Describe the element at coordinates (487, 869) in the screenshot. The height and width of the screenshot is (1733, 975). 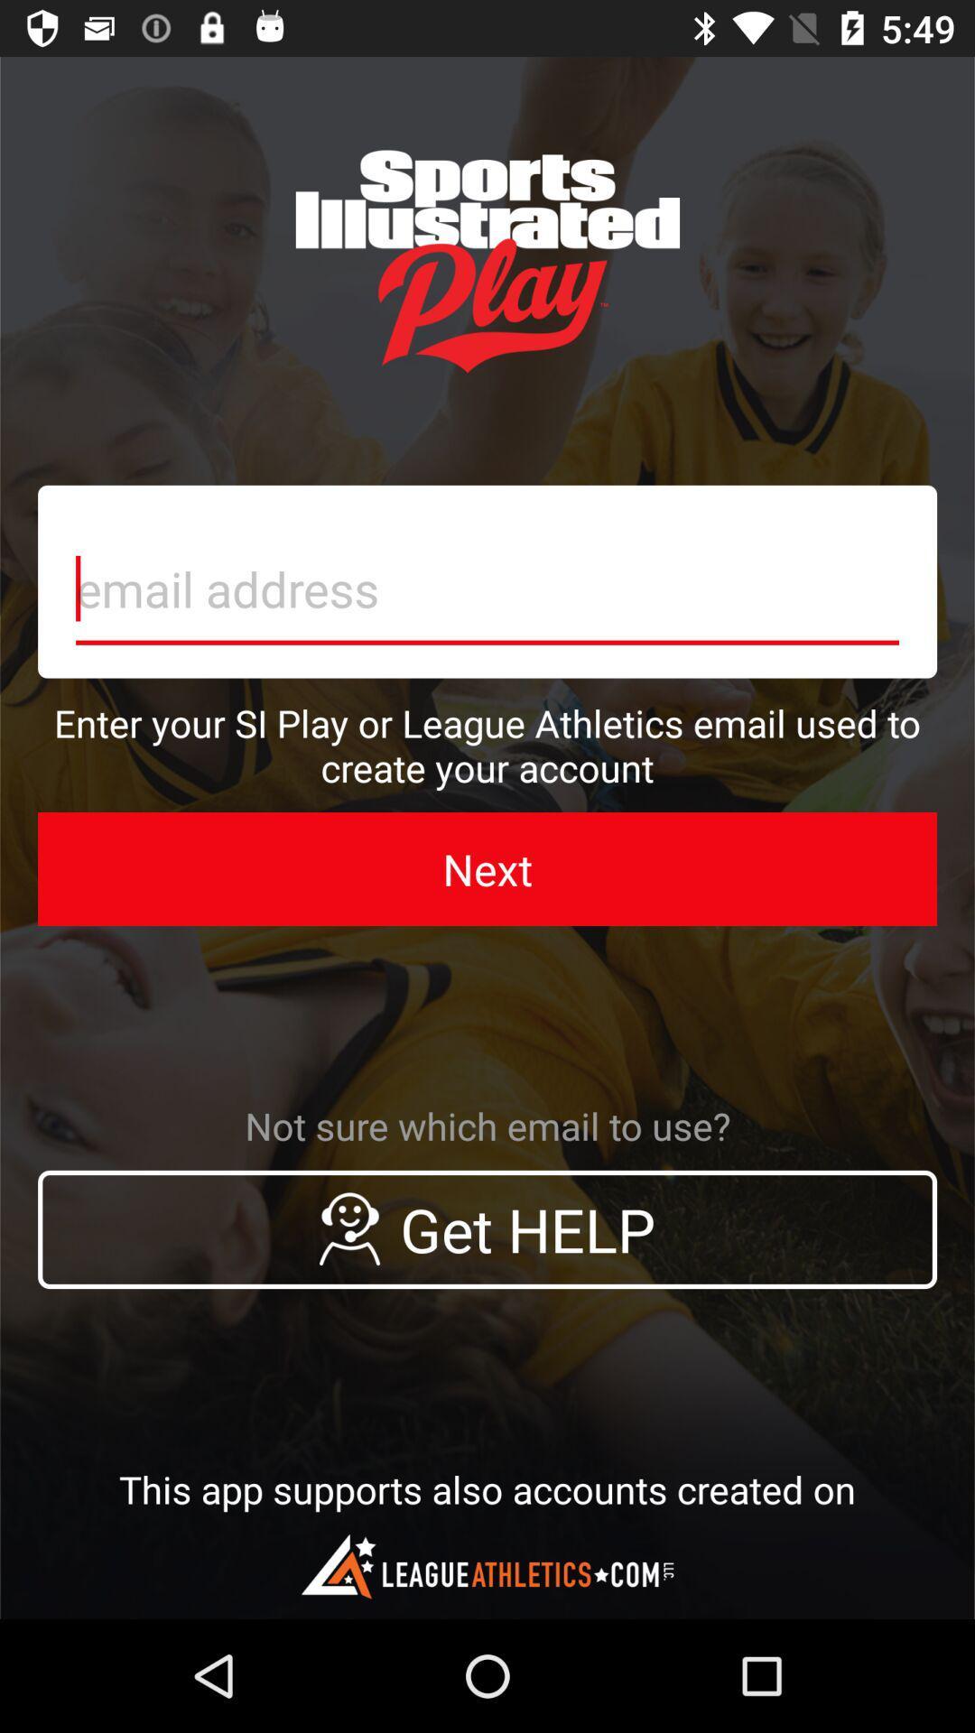
I see `next item` at that location.